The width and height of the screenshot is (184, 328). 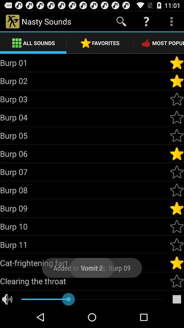 I want to click on star burp 08, so click(x=177, y=190).